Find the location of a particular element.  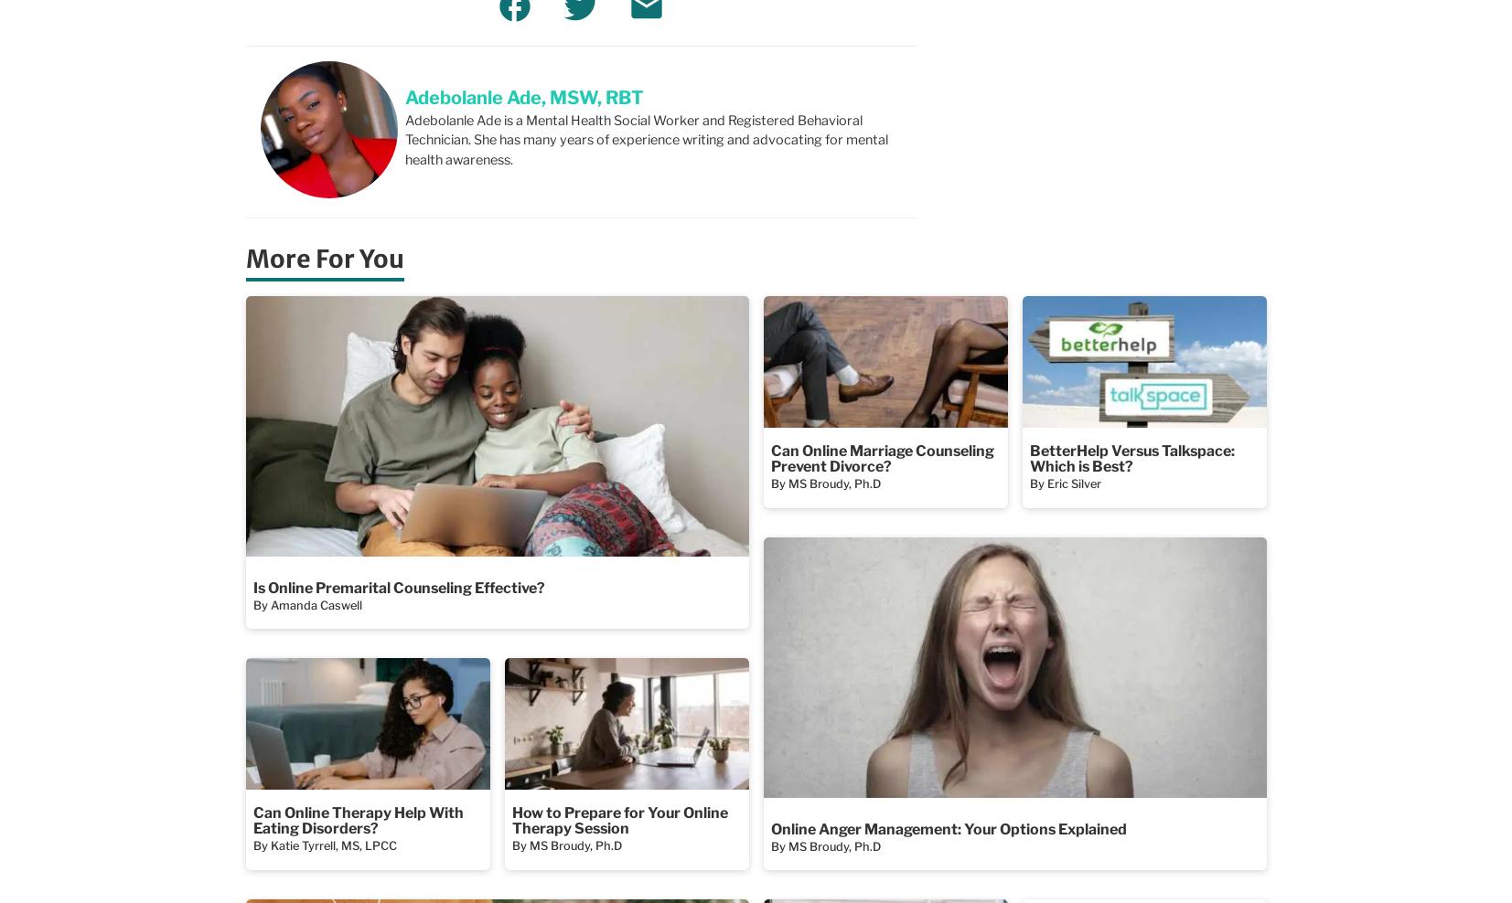

'More For You' is located at coordinates (323, 257).